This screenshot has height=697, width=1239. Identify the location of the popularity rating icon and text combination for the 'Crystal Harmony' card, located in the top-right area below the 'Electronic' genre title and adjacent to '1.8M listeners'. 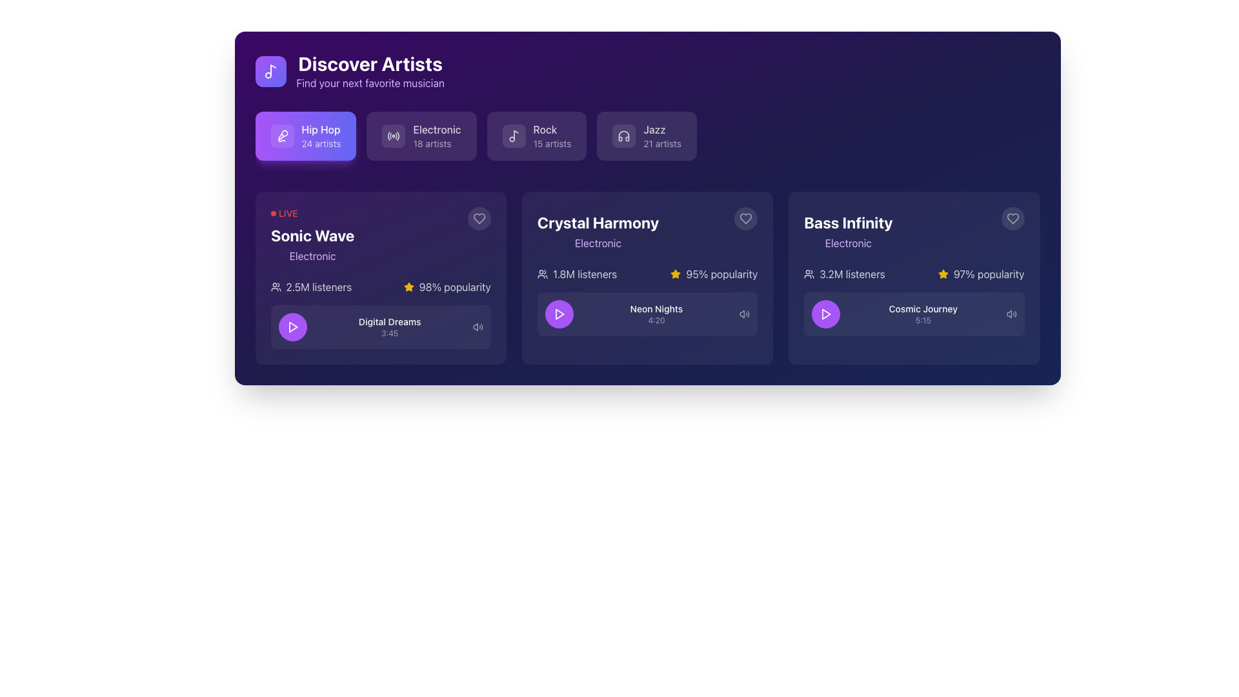
(713, 273).